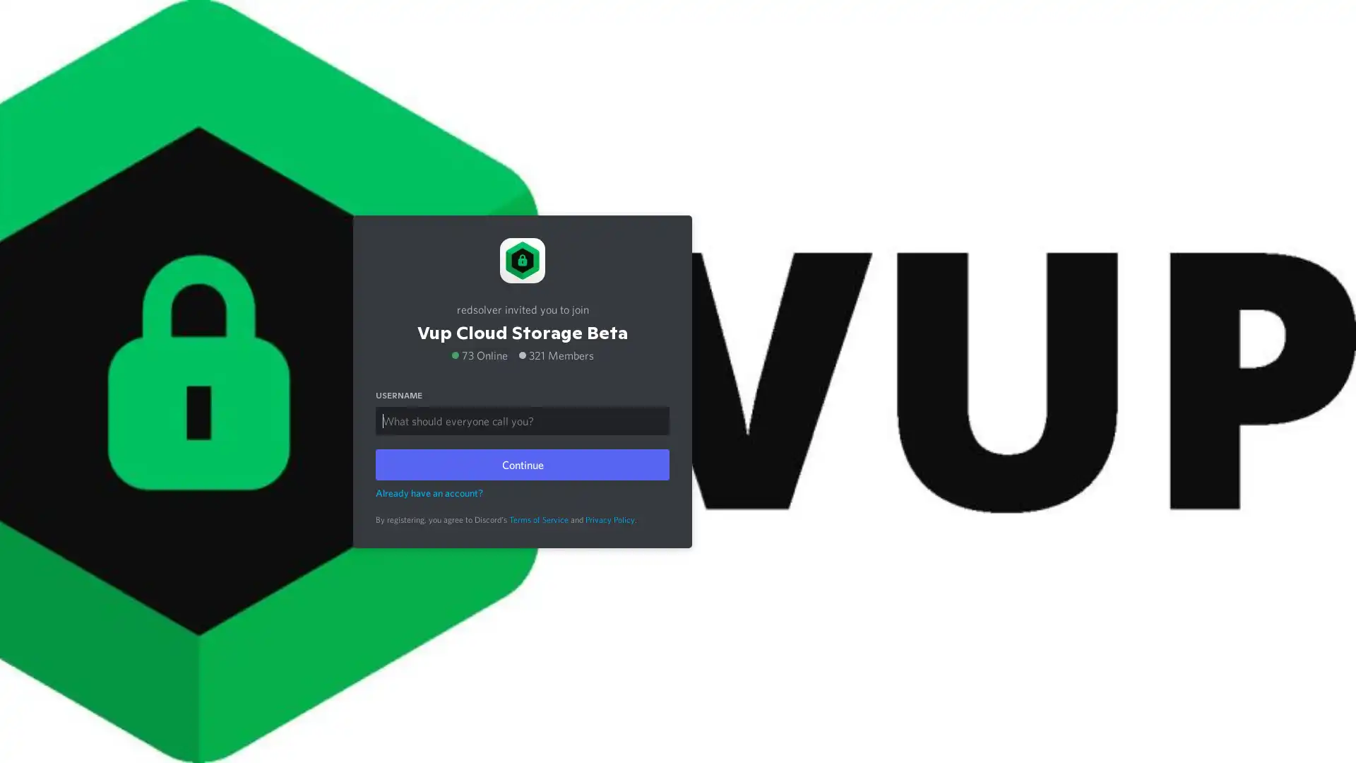 This screenshot has height=763, width=1356. What do you see at coordinates (521, 463) in the screenshot?
I see `Continue` at bounding box center [521, 463].